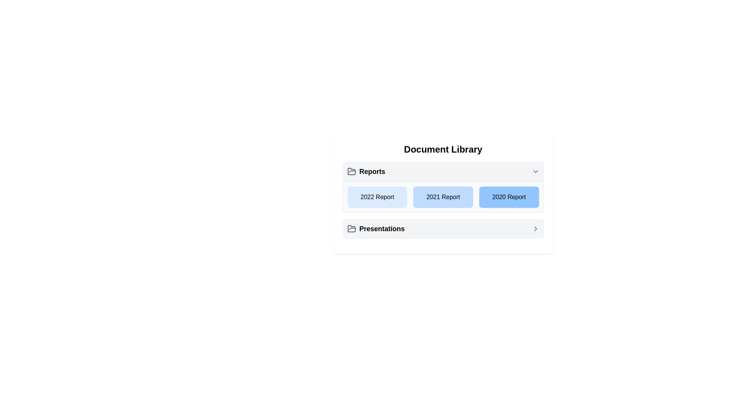 The image size is (732, 412). What do you see at coordinates (382, 229) in the screenshot?
I see `the text label reading 'Presentations', which is styled in black font and located below the 'Reports' section, positioned to the right of a folder icon in the 'Items' section` at bounding box center [382, 229].